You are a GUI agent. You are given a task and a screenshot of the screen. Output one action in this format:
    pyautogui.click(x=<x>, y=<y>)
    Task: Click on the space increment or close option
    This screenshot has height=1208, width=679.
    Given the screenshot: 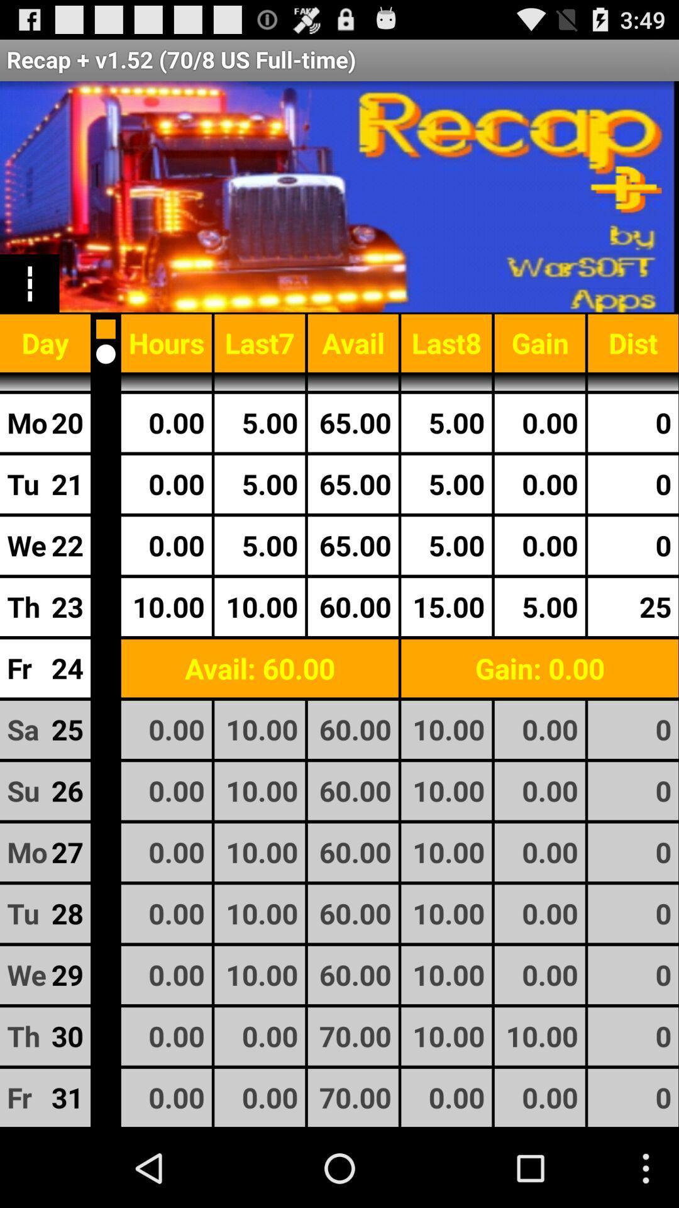 What is the action you would take?
    pyautogui.click(x=105, y=353)
    